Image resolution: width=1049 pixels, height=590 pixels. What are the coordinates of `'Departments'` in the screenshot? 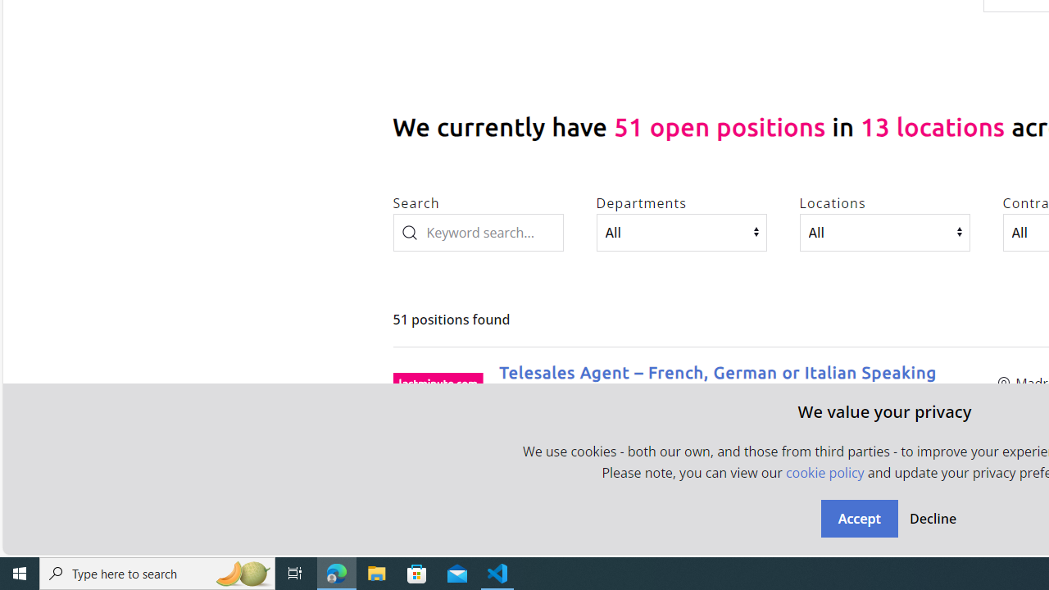 It's located at (681, 232).